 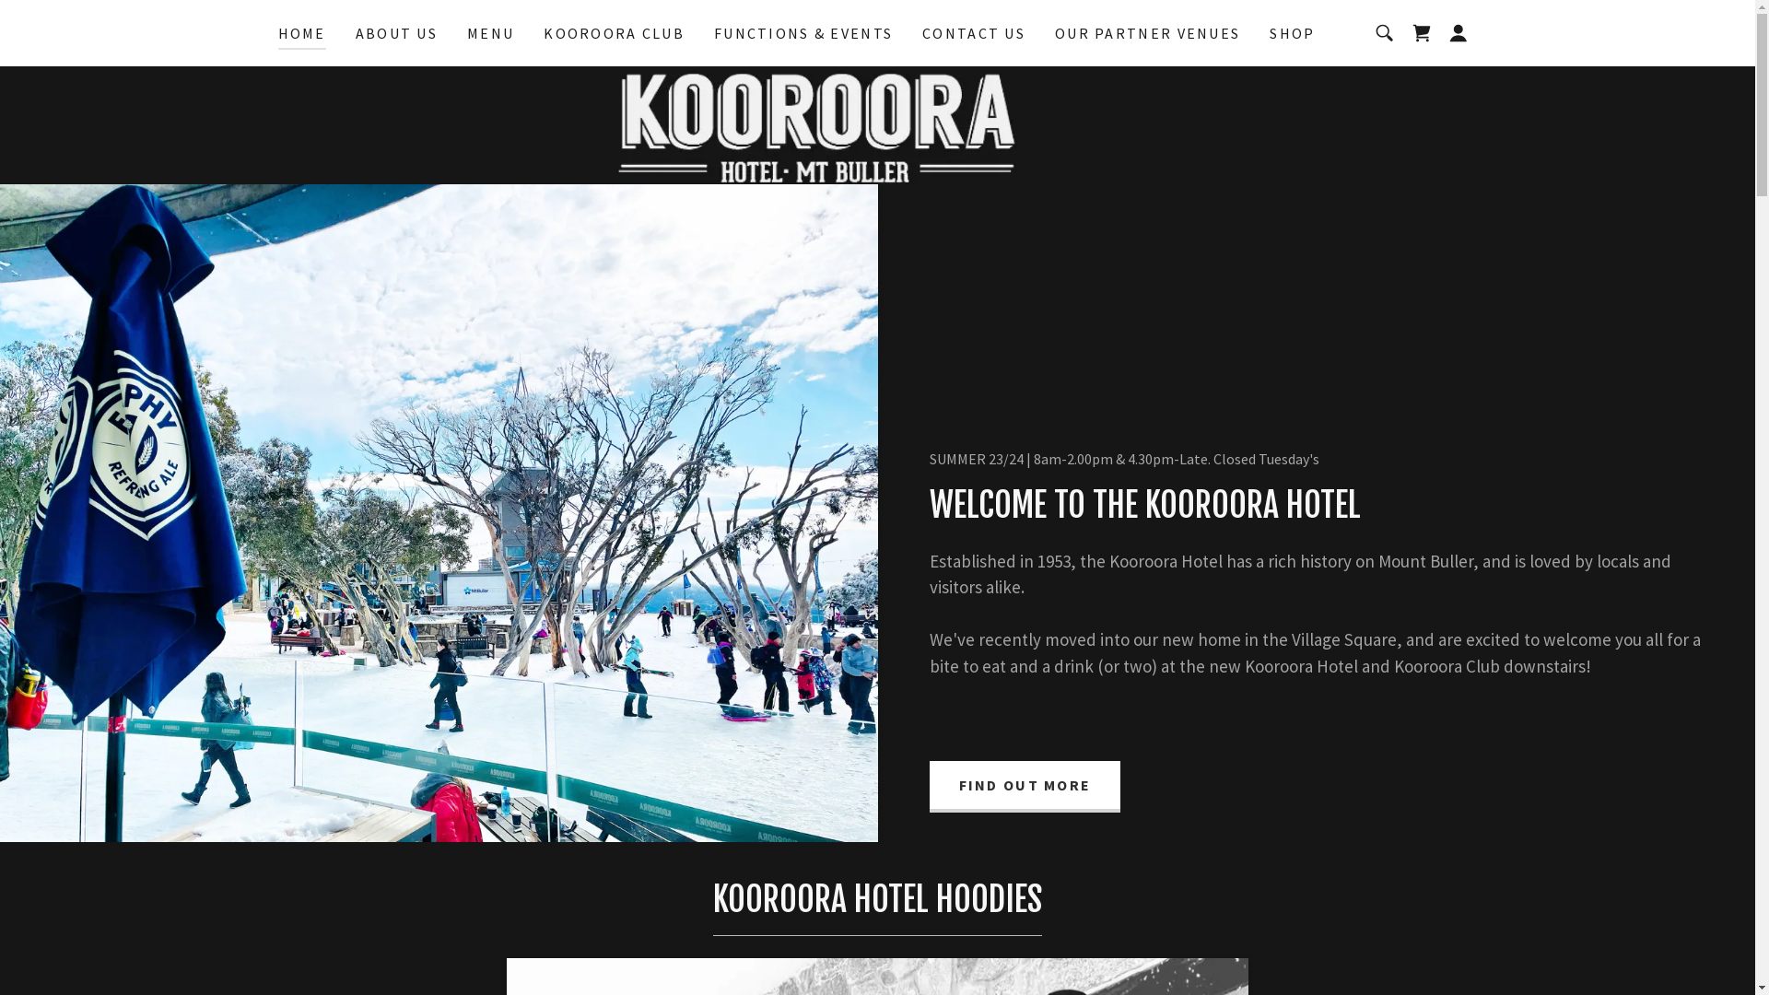 I want to click on 'KOOROORA CLUB', so click(x=614, y=32).